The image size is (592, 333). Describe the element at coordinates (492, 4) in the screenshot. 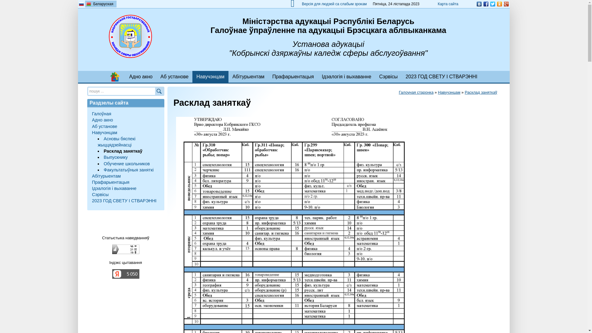

I see `'Twitter'` at that location.